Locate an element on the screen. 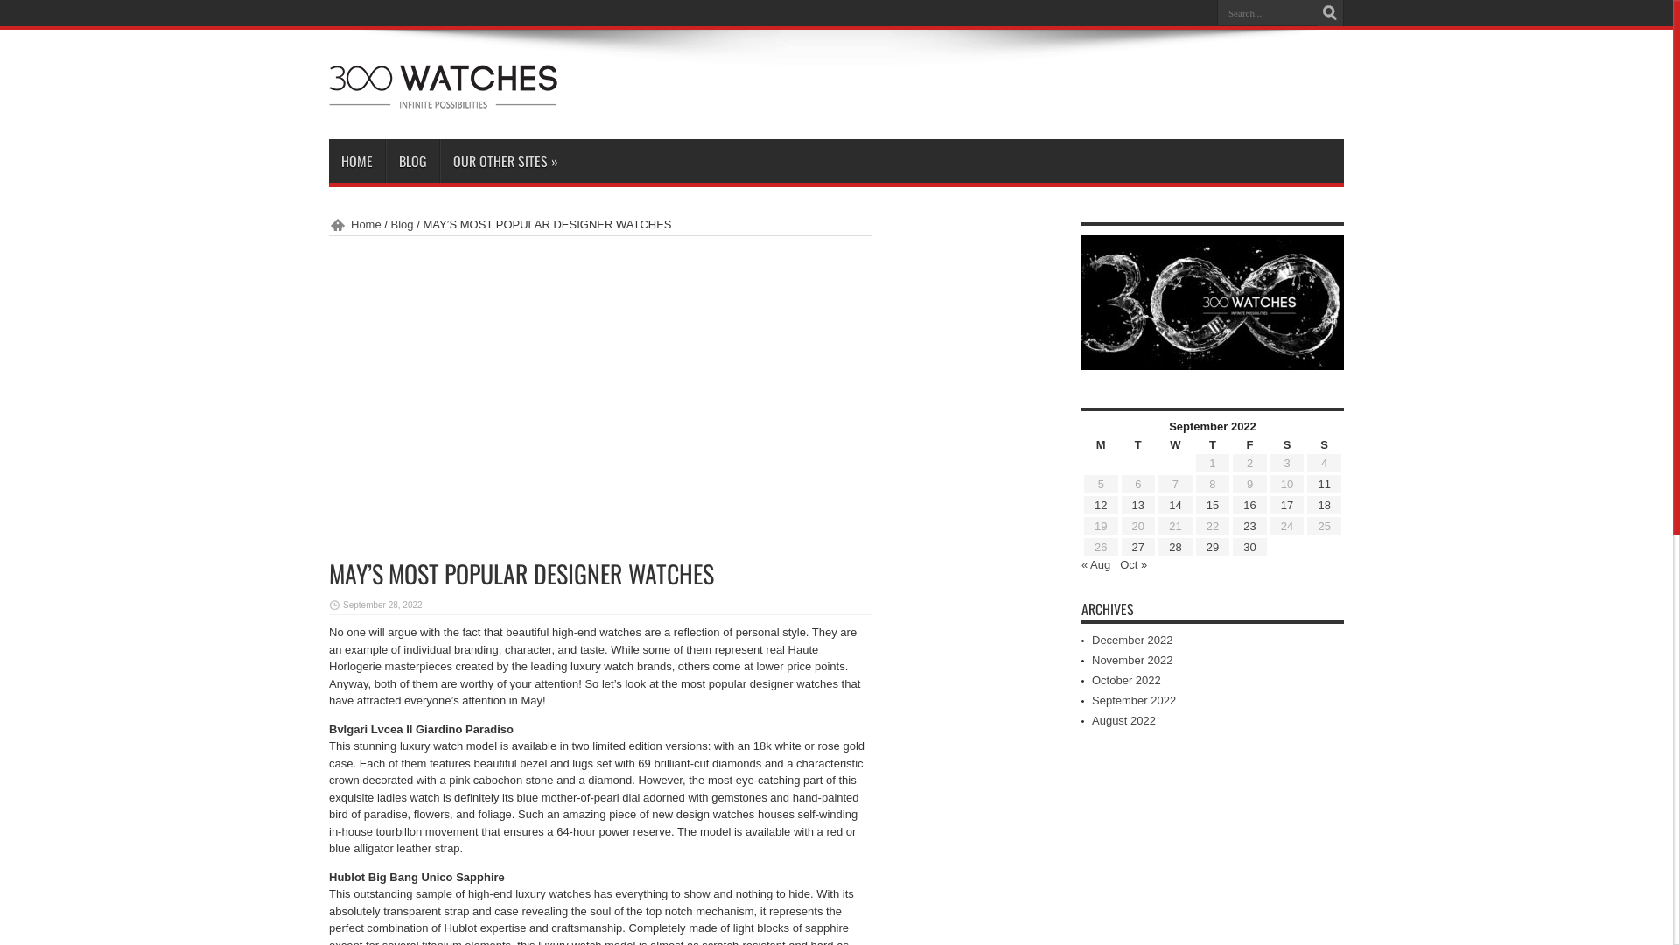 The width and height of the screenshot is (1680, 945). 'August 2022' is located at coordinates (1123, 720).